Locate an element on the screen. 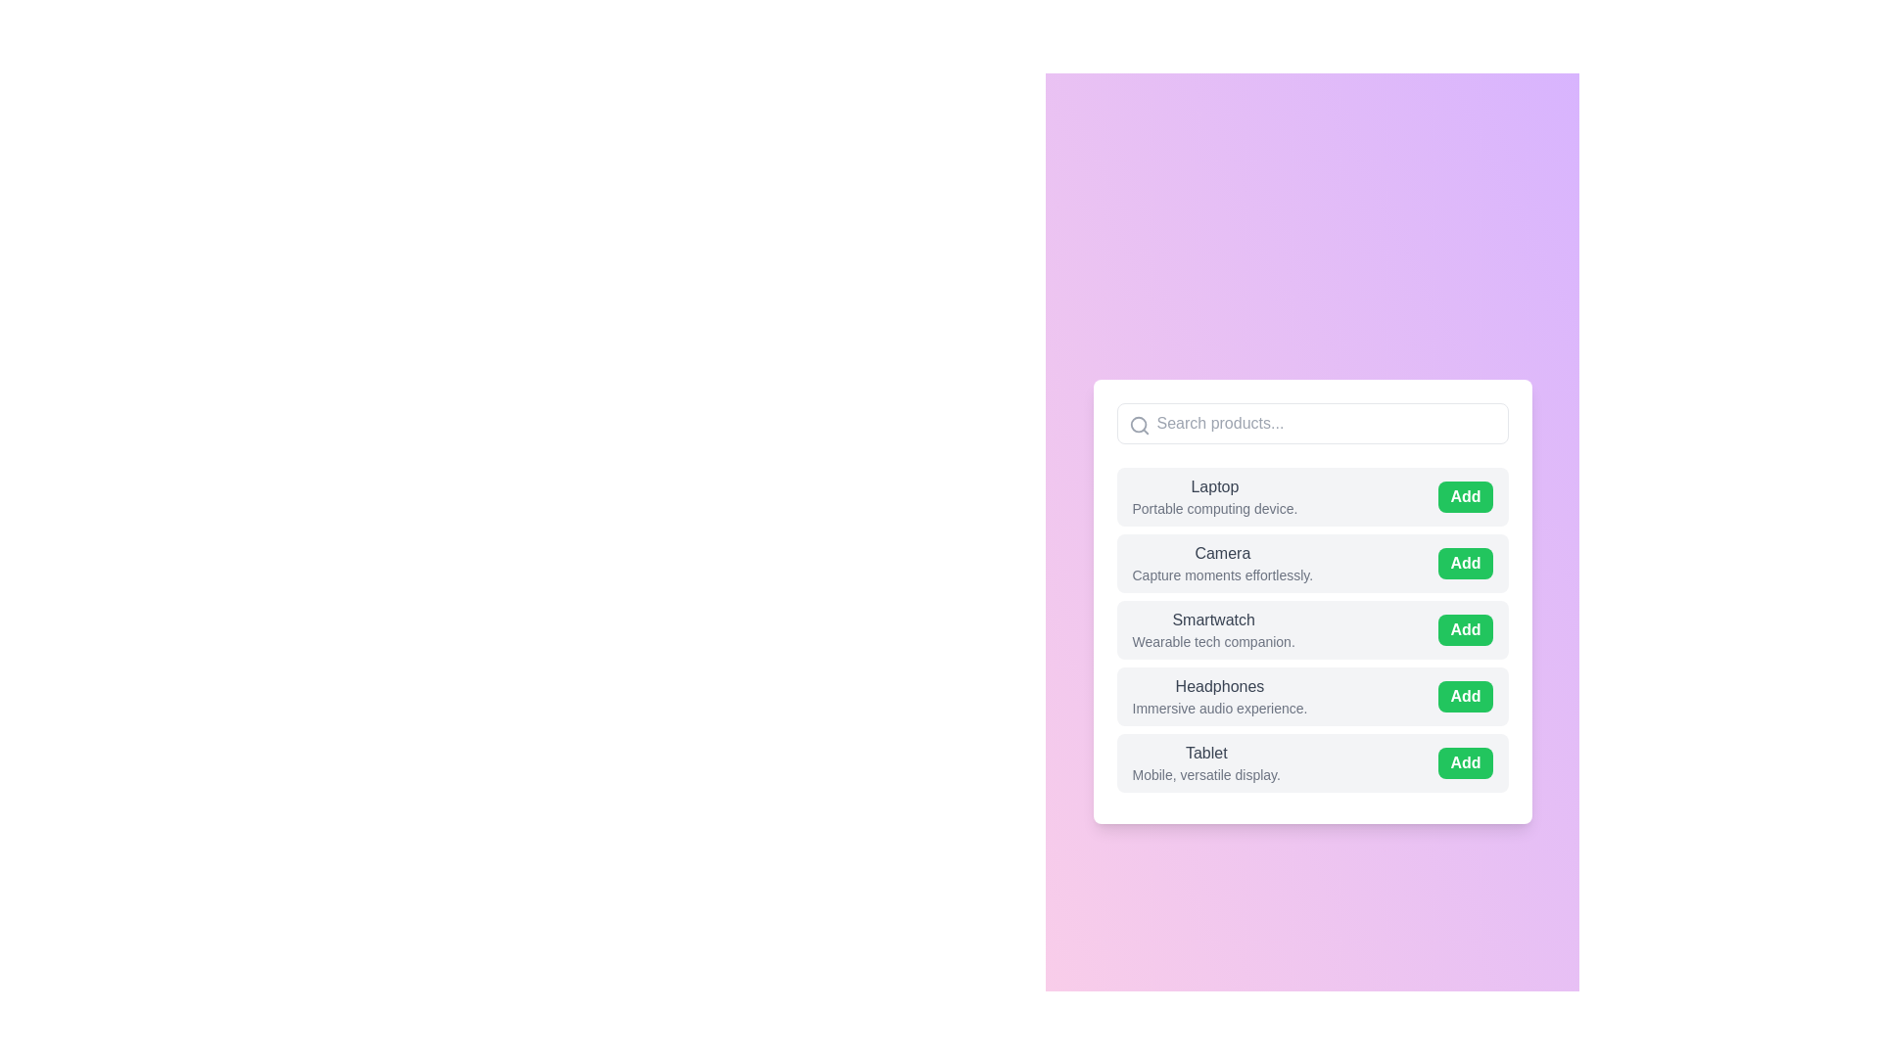 Image resolution: width=1880 pixels, height=1057 pixels. text label displaying 'Laptop' which is styled in medium font weight and gray color, located above the description 'Portable computing device.' is located at coordinates (1213, 485).